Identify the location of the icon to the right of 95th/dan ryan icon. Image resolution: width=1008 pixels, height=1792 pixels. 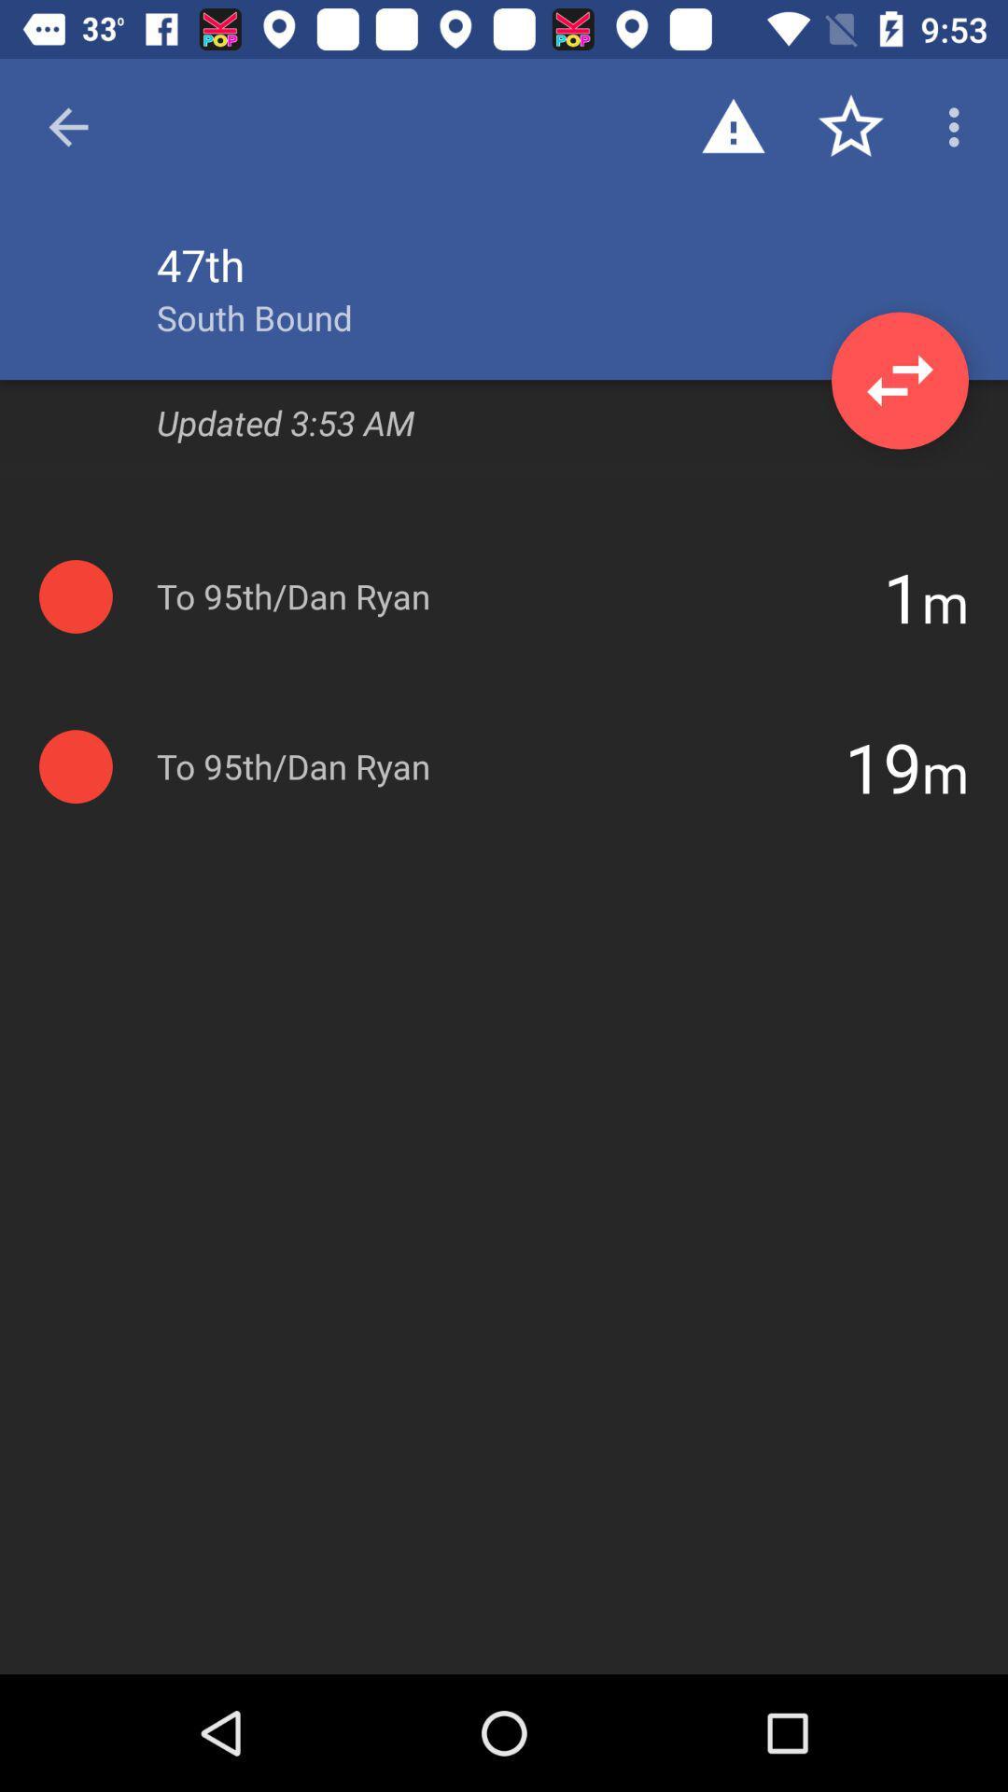
(882, 766).